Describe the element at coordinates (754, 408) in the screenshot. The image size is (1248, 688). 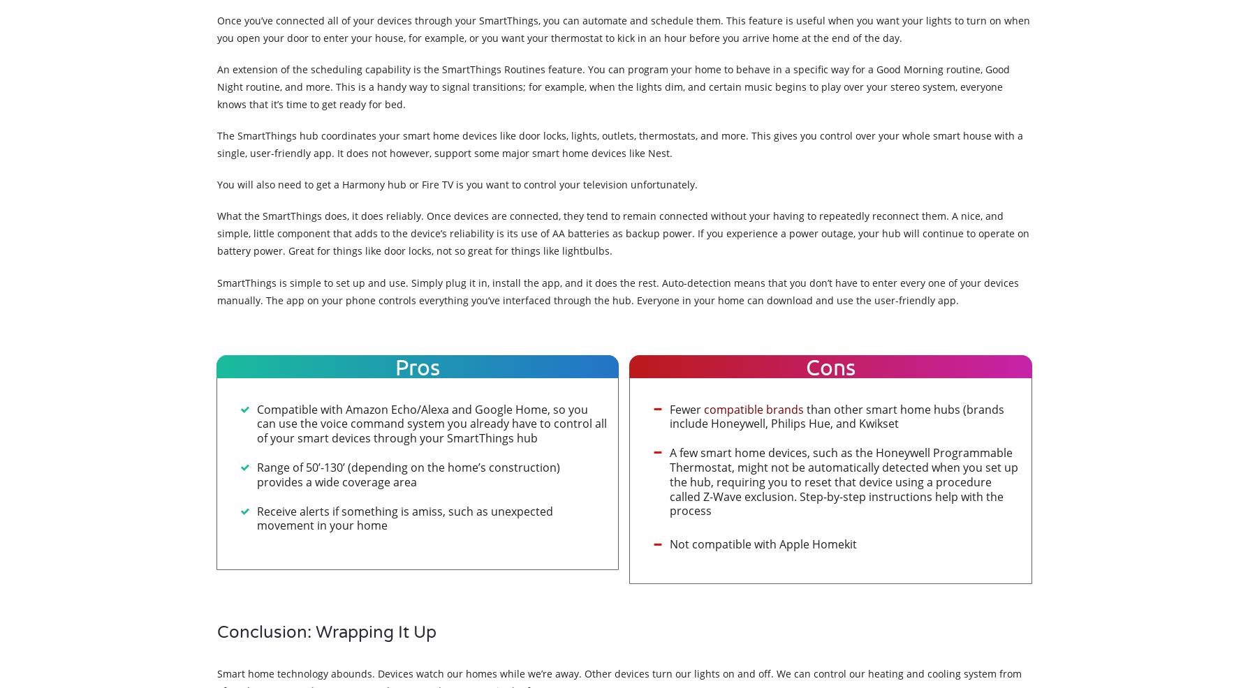
I see `'compatible brands'` at that location.